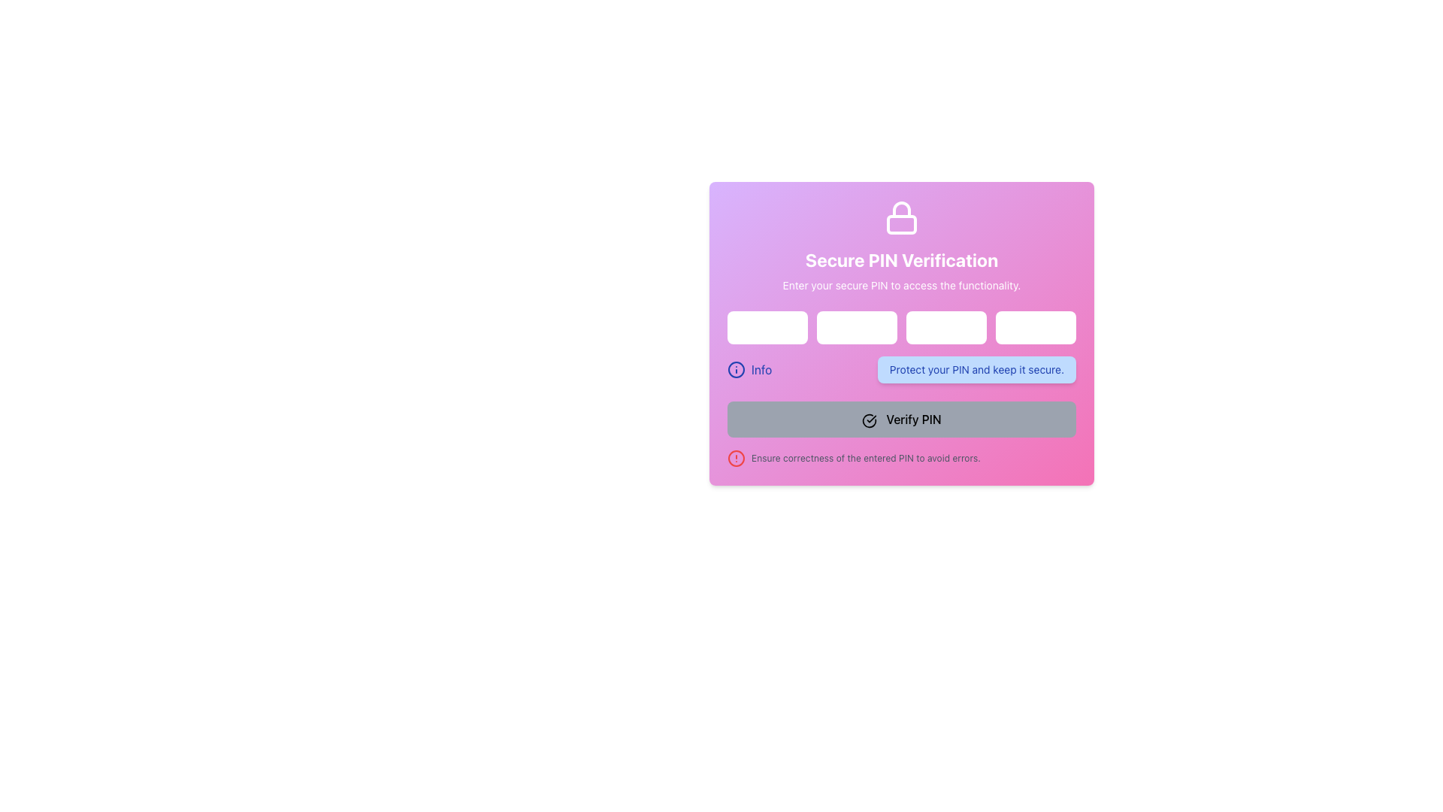 The image size is (1443, 812). What do you see at coordinates (902, 259) in the screenshot?
I see `the Text header that introduces the secure PIN verification interface, positioned below the lock icon and above the subtitle text` at bounding box center [902, 259].